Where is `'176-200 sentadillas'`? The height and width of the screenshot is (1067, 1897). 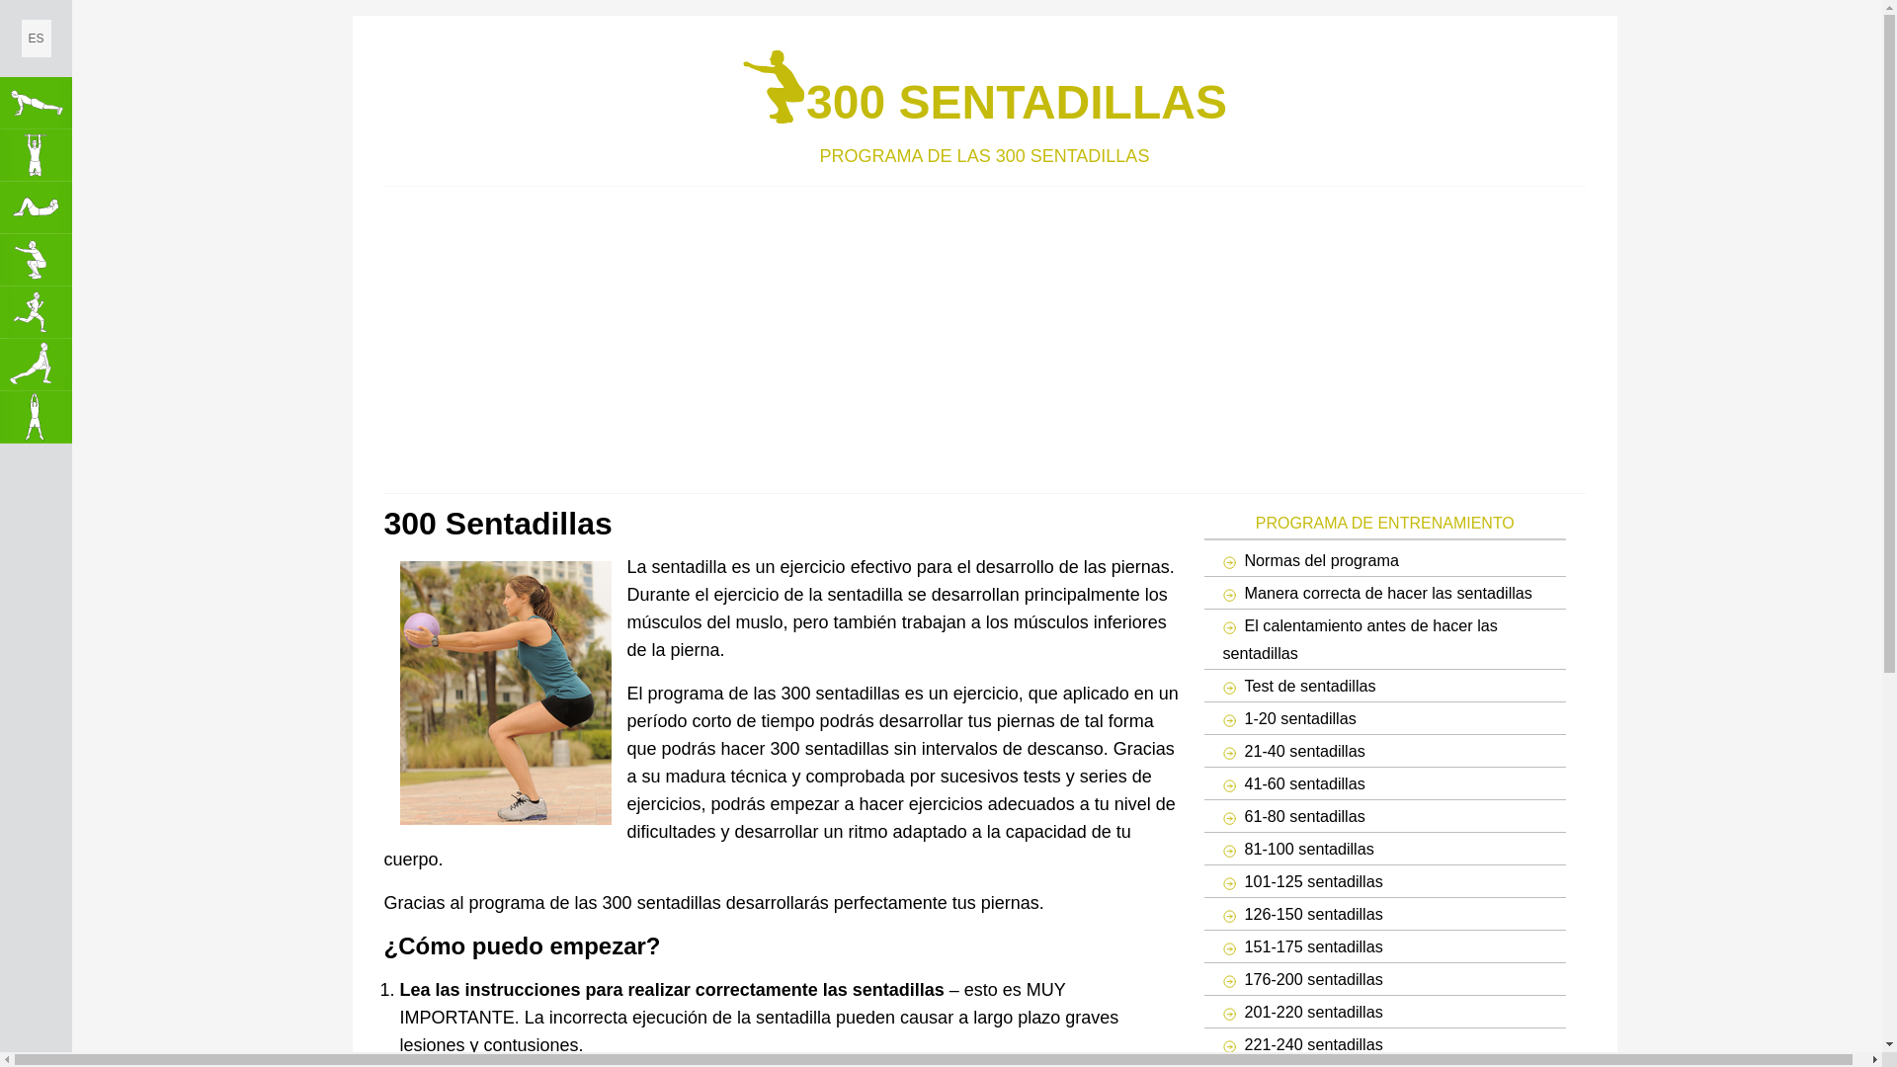 '176-200 sentadillas' is located at coordinates (1383, 979).